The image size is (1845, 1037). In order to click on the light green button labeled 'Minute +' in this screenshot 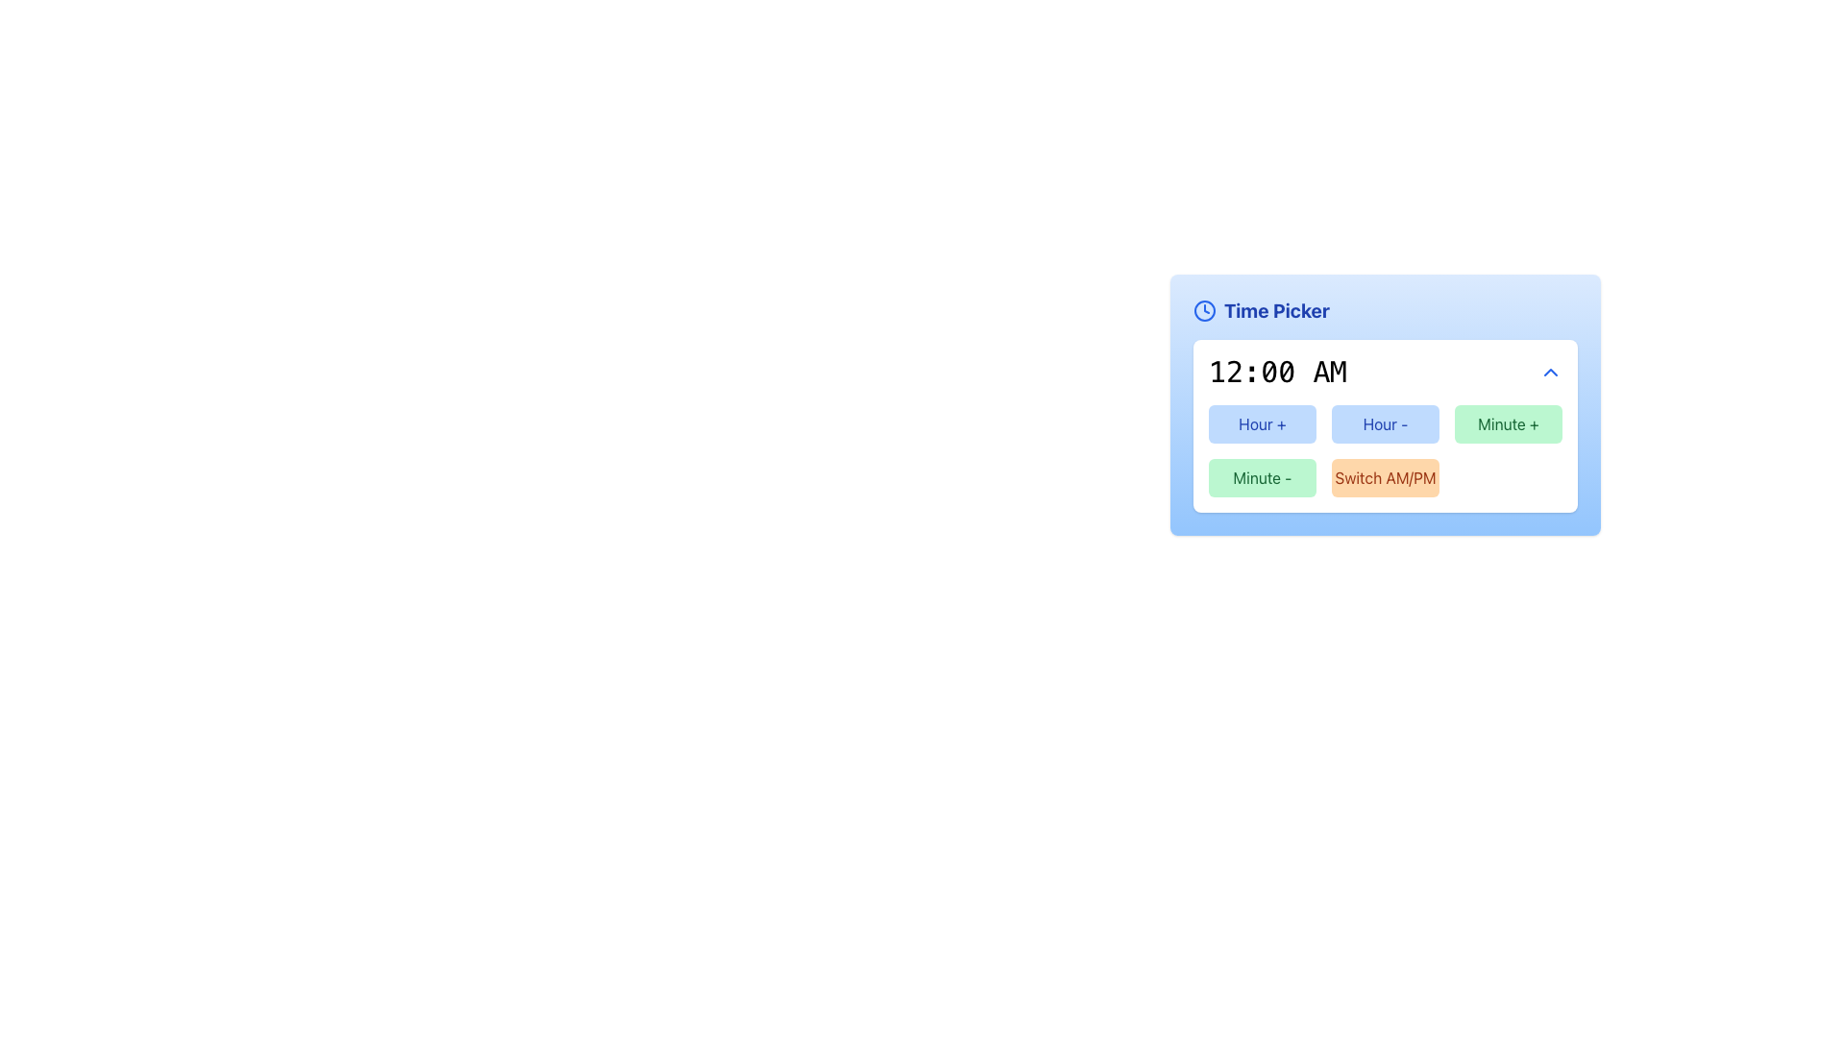, I will do `click(1507, 423)`.